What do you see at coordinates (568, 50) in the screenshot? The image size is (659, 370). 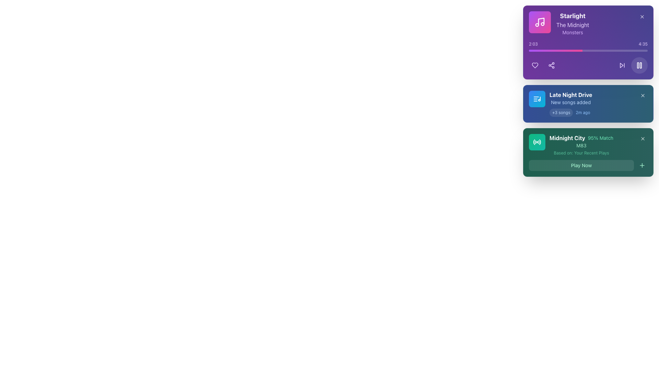 I see `playback progress` at bounding box center [568, 50].